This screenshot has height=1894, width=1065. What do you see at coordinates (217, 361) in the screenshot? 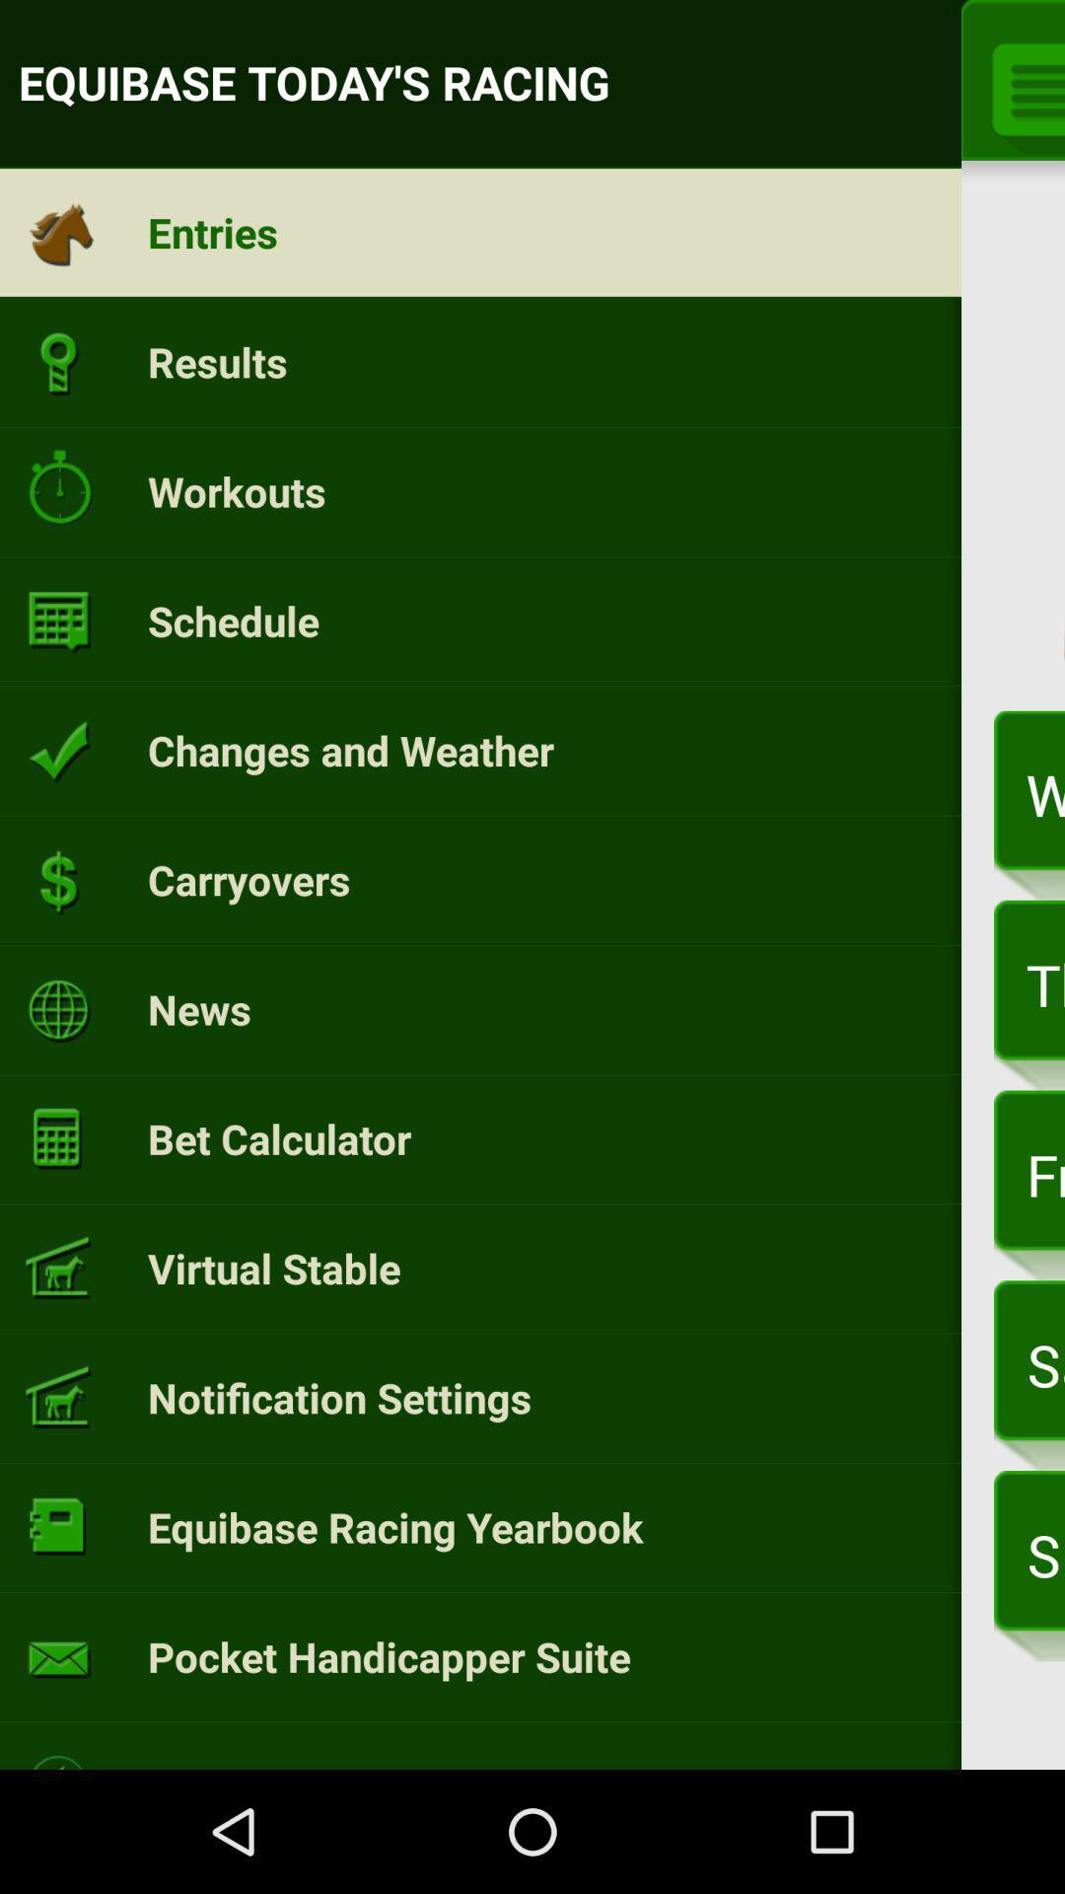
I see `the results icon` at bounding box center [217, 361].